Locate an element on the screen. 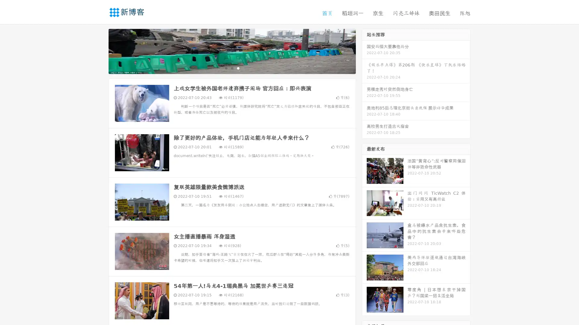  Go to slide 3 is located at coordinates (238, 68).